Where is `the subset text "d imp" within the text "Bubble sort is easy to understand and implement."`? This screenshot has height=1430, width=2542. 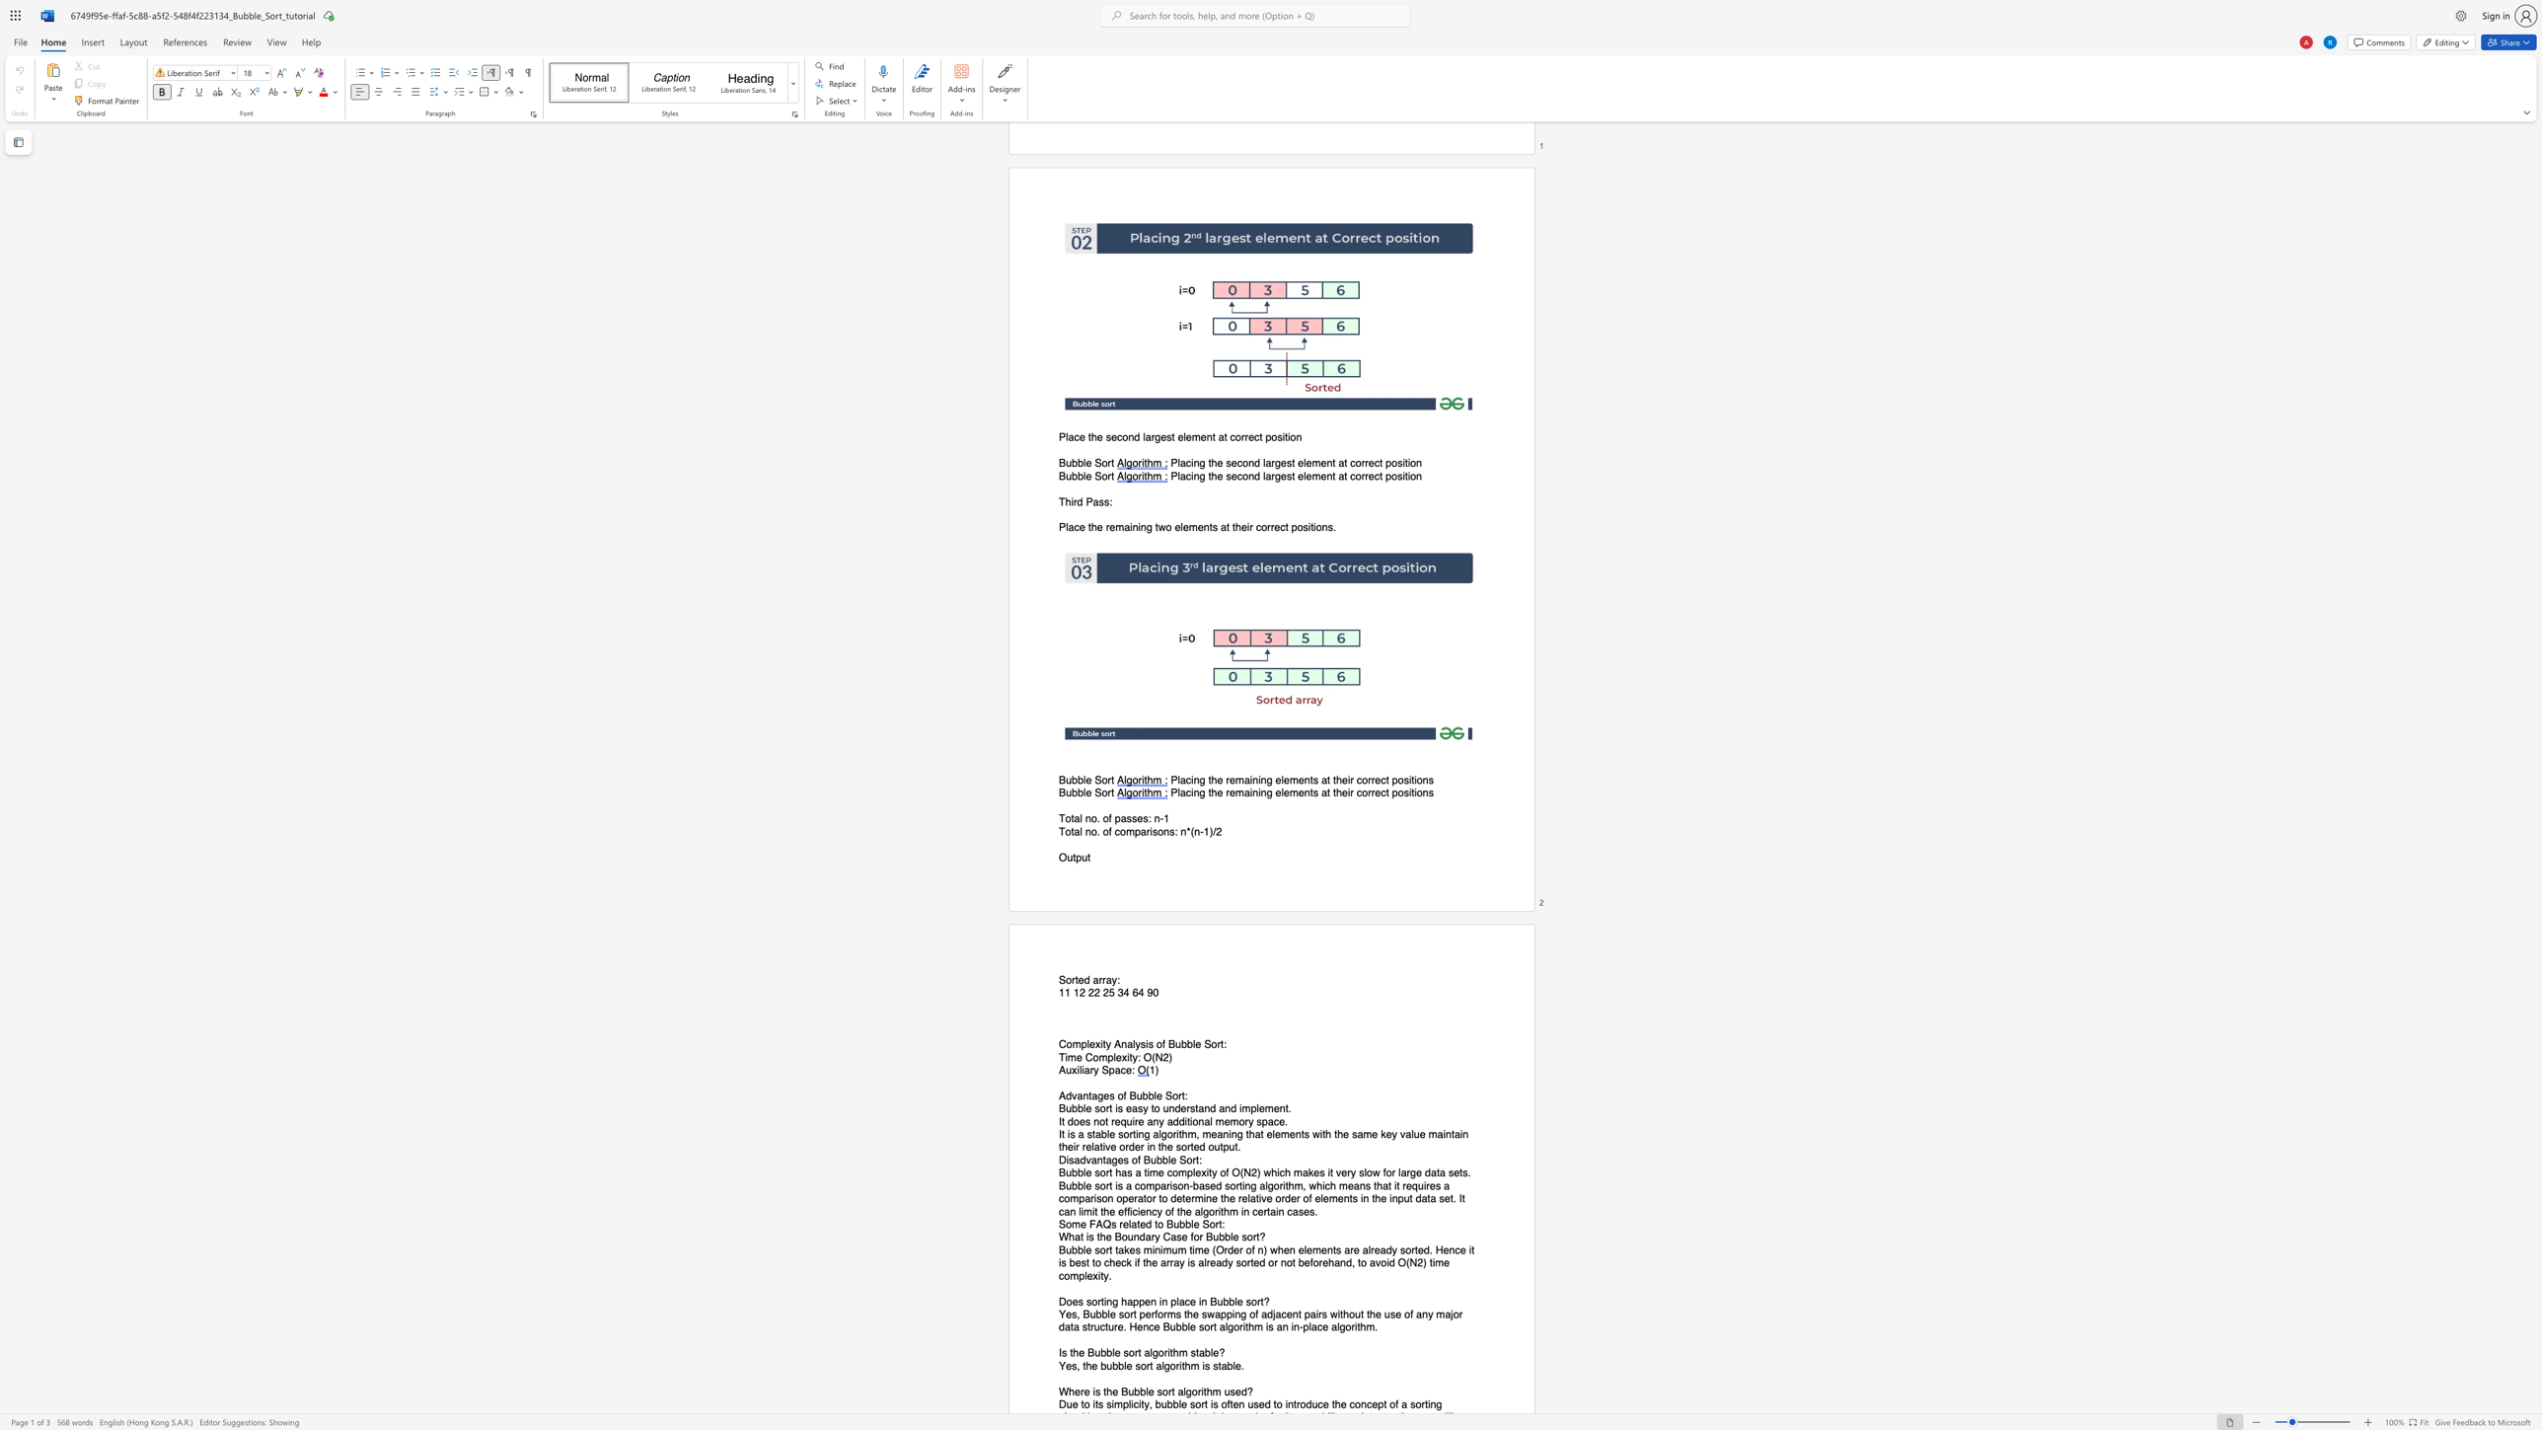 the subset text "d imp" within the text "Bubble sort is easy to understand and implement." is located at coordinates (1230, 1109).